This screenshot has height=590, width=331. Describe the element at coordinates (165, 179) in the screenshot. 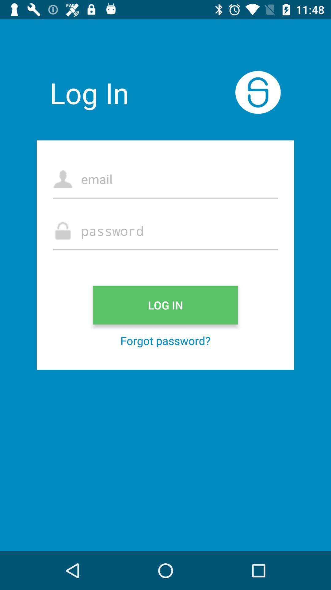

I see `item at the top` at that location.